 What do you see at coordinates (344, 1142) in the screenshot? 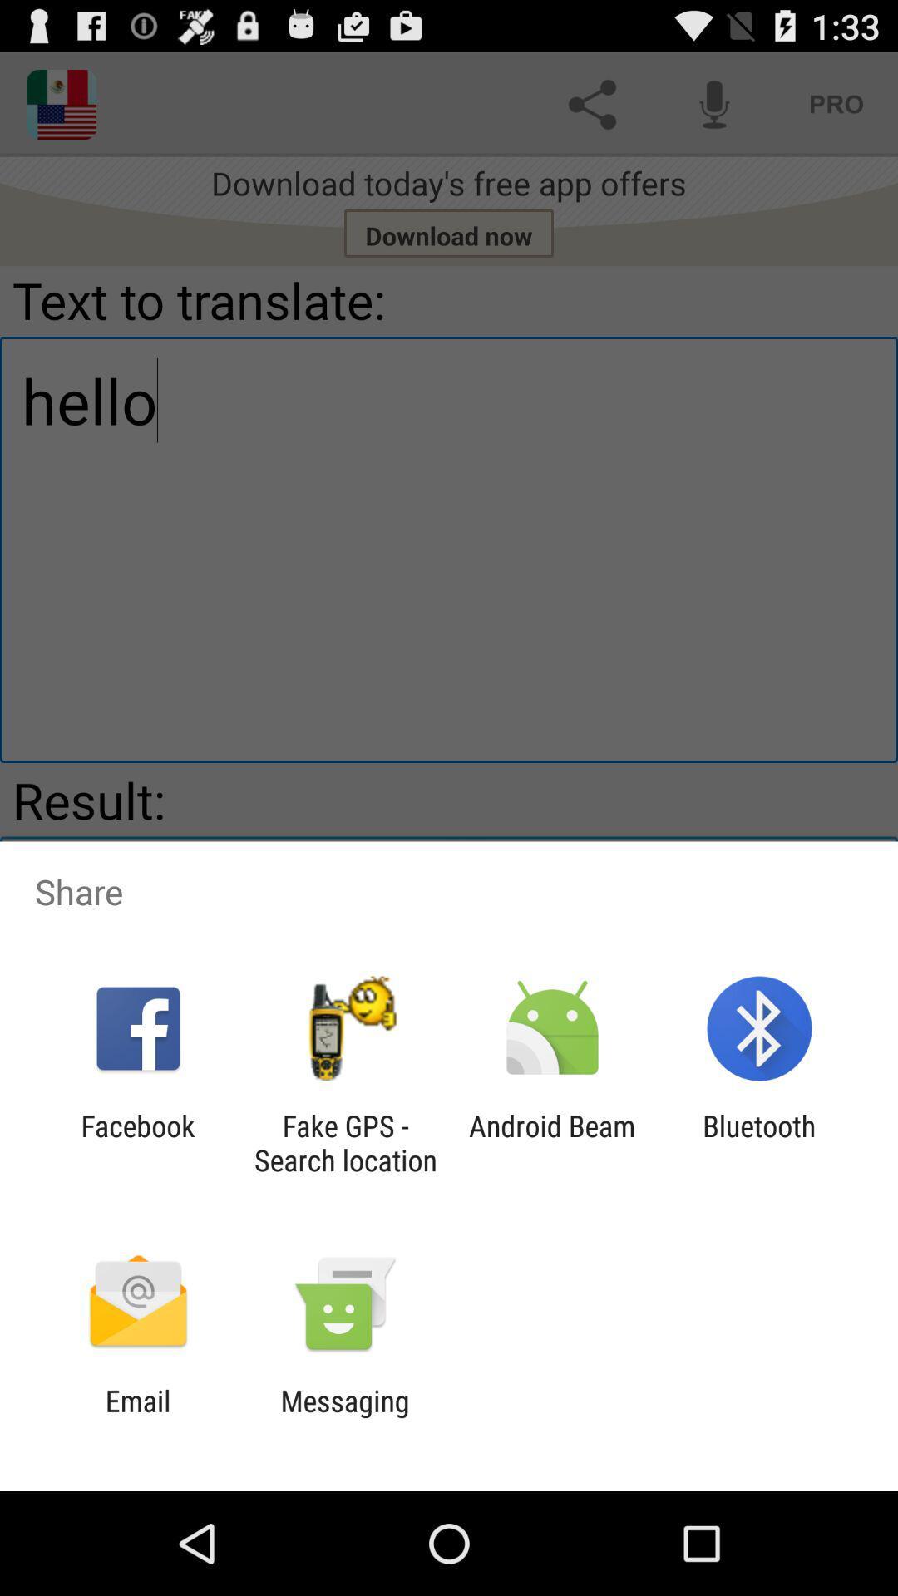
I see `the icon to the left of the android beam app` at bounding box center [344, 1142].